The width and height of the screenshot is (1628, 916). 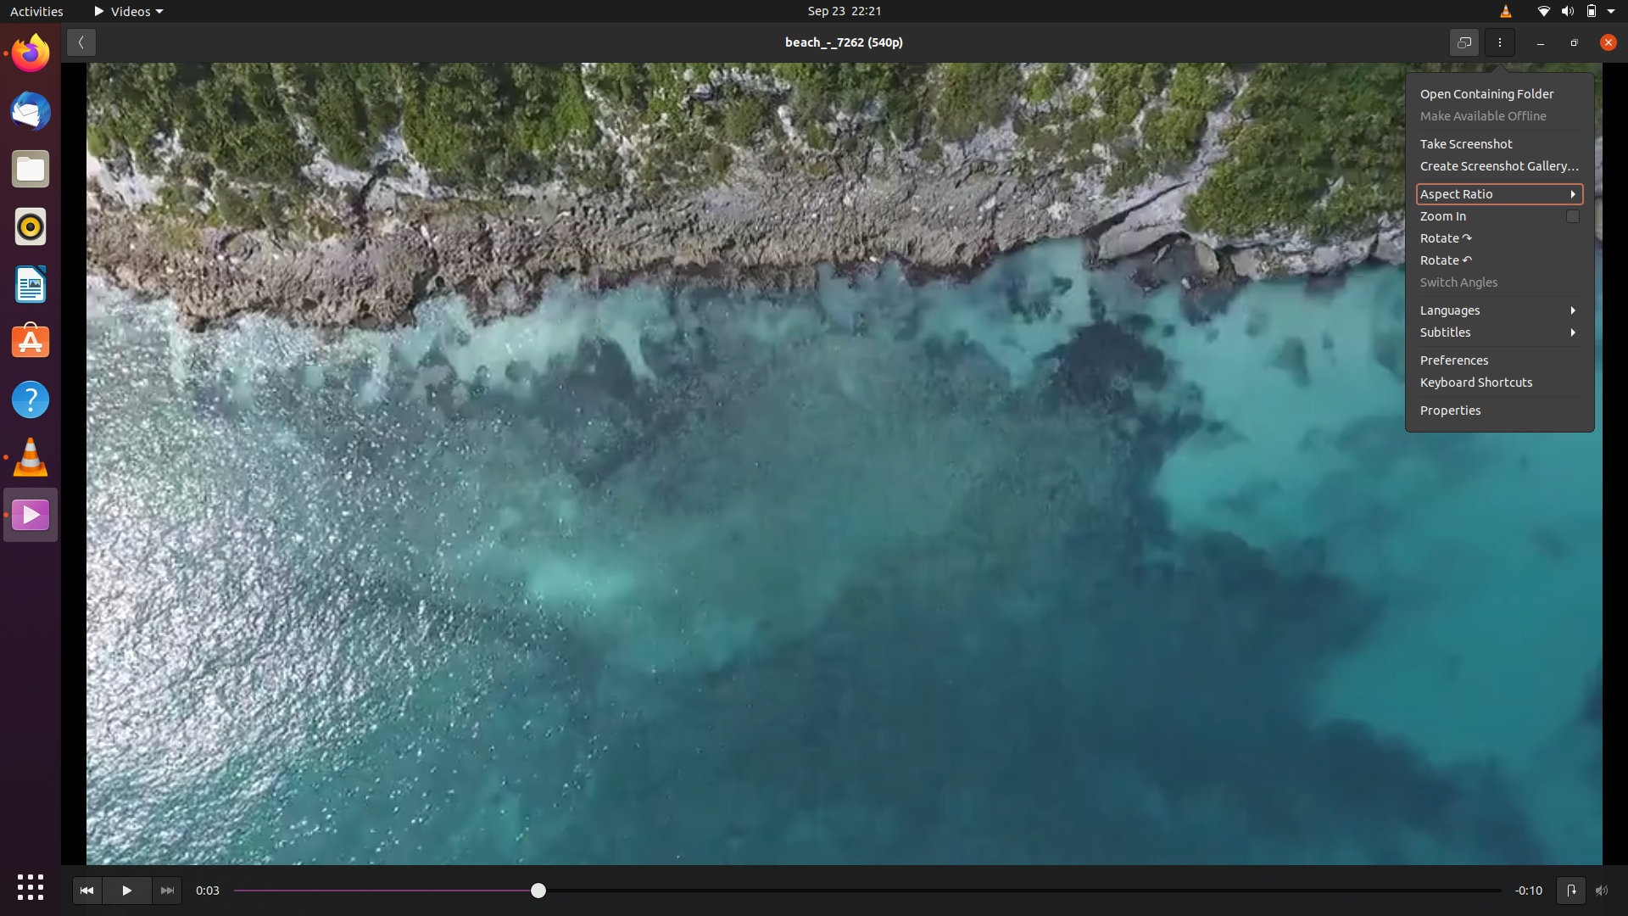 I want to click on Switch the subtitle language to the next one from the drop down, so click(x=1502, y=332).